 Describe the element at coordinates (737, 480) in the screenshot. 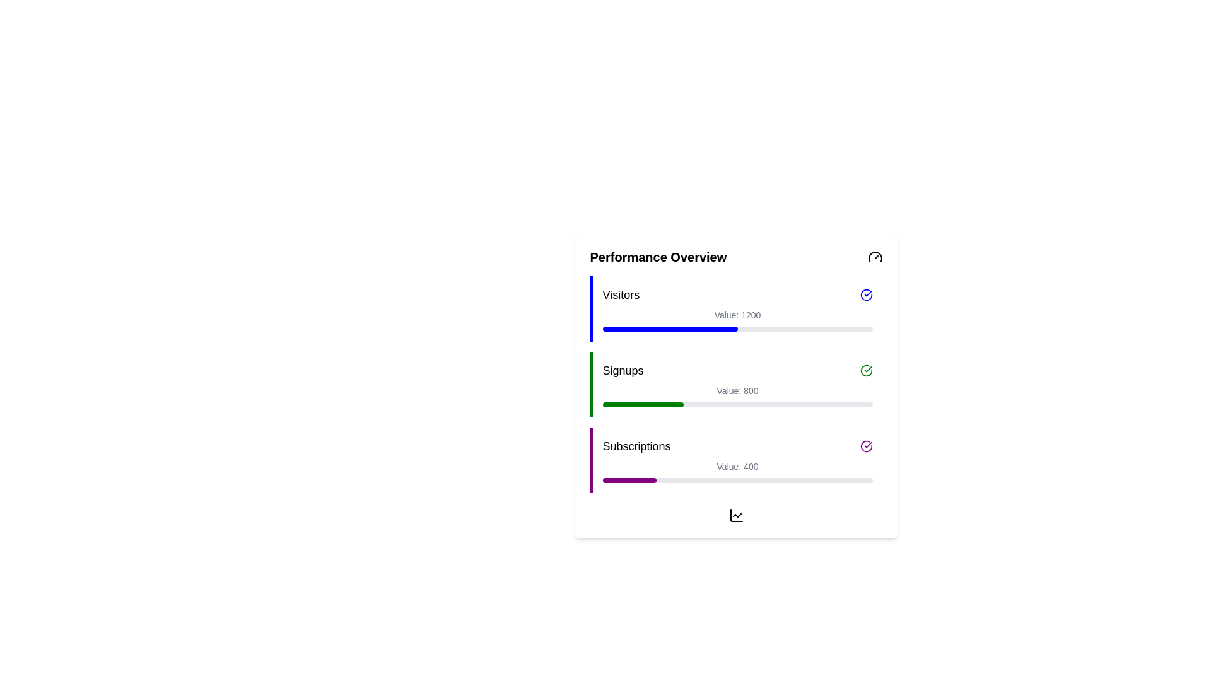

I see `the progress bar with a gray background and a purple foreground, positioned under the 'Value: 400' text in the 'Subscriptions' section of the performance overview card` at that location.